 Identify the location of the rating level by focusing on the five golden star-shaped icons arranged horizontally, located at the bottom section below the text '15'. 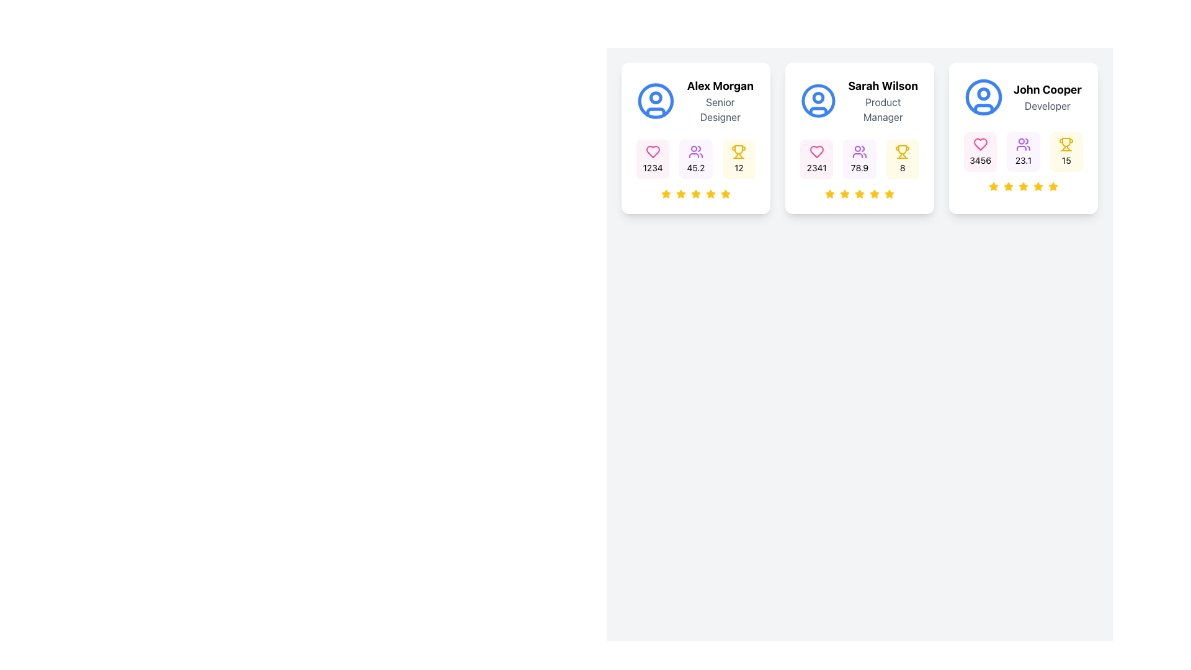
(1024, 186).